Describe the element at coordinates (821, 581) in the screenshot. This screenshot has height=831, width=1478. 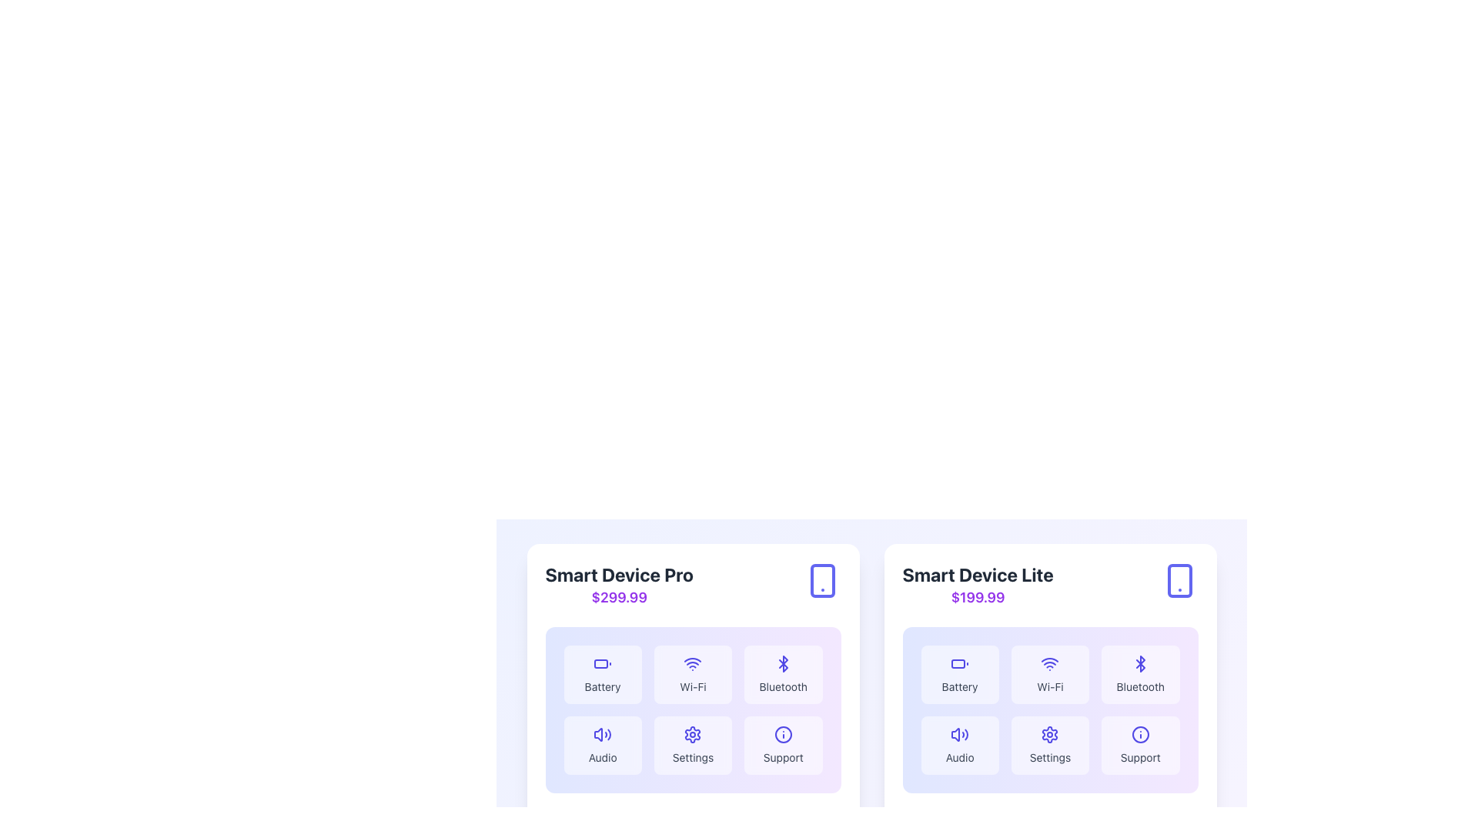
I see `the decorative rectangular shape within the smartphone icon adjacent to the 'Smart Device Lite' text` at that location.